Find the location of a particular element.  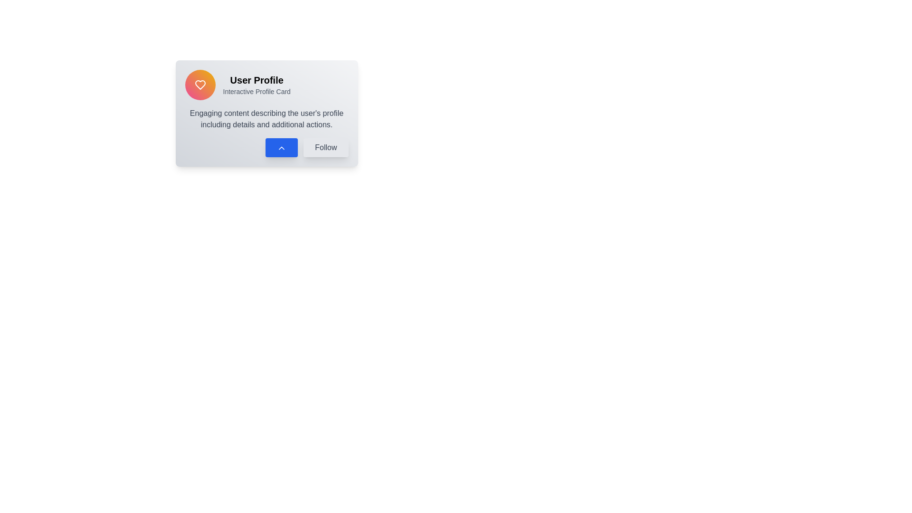

keyboard navigation is located at coordinates (281, 148).